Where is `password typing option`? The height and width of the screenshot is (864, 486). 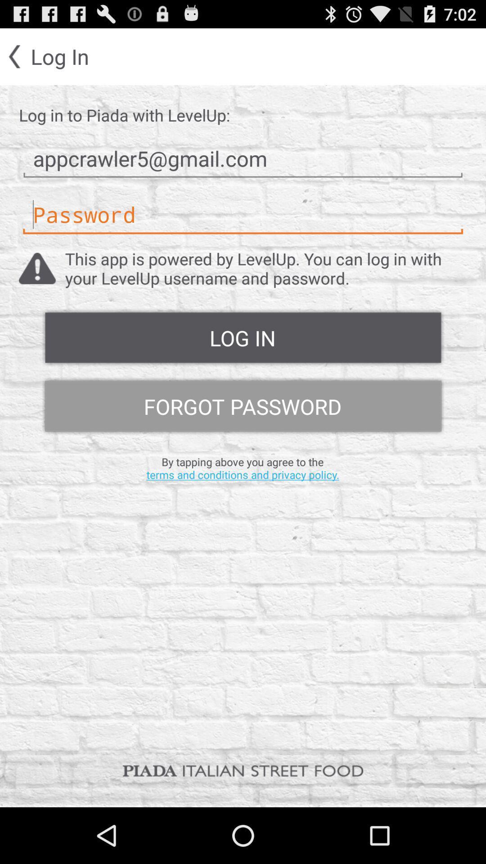 password typing option is located at coordinates (243, 214).